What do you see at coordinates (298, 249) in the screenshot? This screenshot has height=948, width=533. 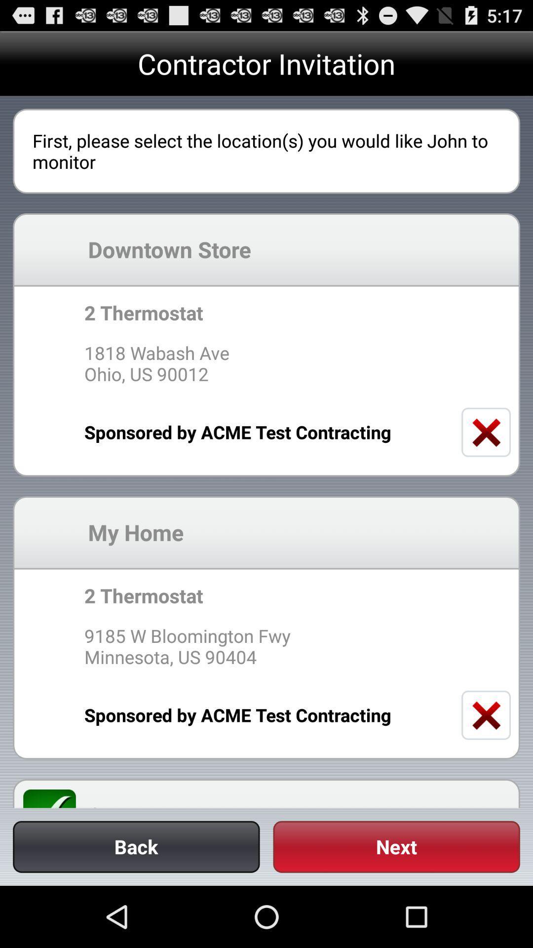 I see `the item below the first please select item` at bounding box center [298, 249].